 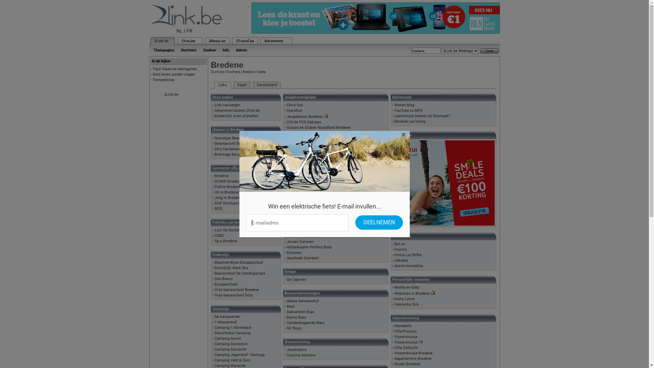 What do you see at coordinates (226, 50) in the screenshot?
I see `'Info'` at bounding box center [226, 50].